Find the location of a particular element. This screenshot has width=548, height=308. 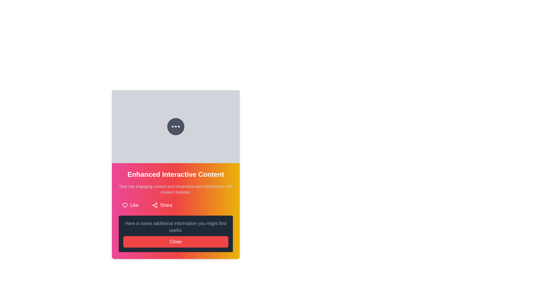

the circular button icon located at the center of a grey box at the top of the card interface is located at coordinates (175, 126).